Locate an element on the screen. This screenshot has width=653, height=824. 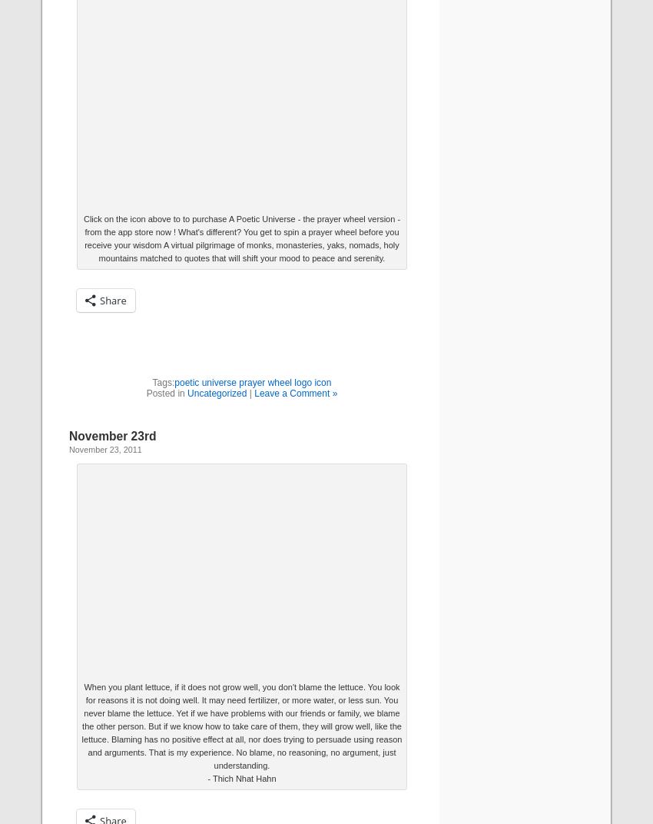
'poetic universe prayer wheel logo icon' is located at coordinates (253, 381).